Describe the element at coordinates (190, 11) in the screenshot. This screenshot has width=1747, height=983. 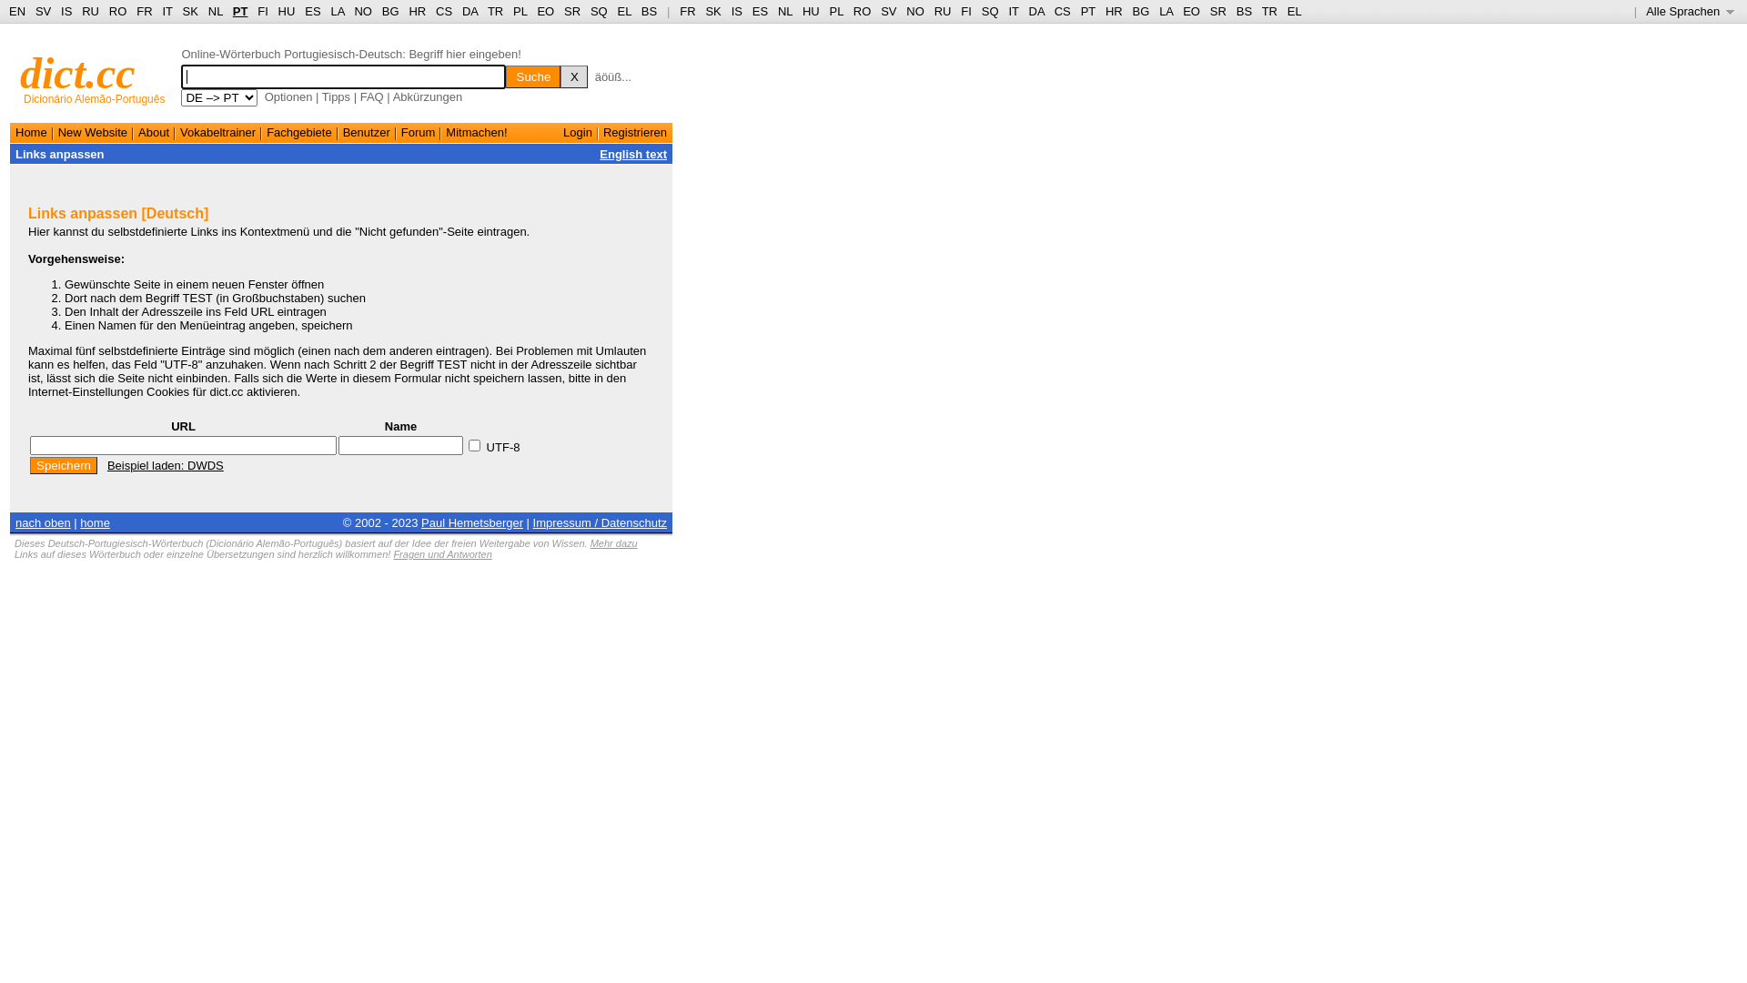
I see `'SK'` at that location.